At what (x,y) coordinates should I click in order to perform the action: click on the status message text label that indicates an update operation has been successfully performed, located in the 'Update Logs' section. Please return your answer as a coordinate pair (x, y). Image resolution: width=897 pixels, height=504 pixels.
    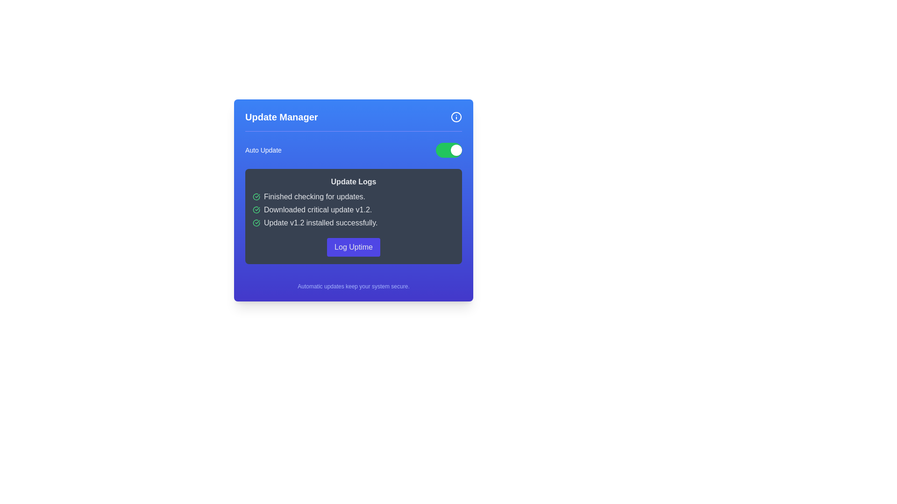
    Looking at the image, I should click on (353, 223).